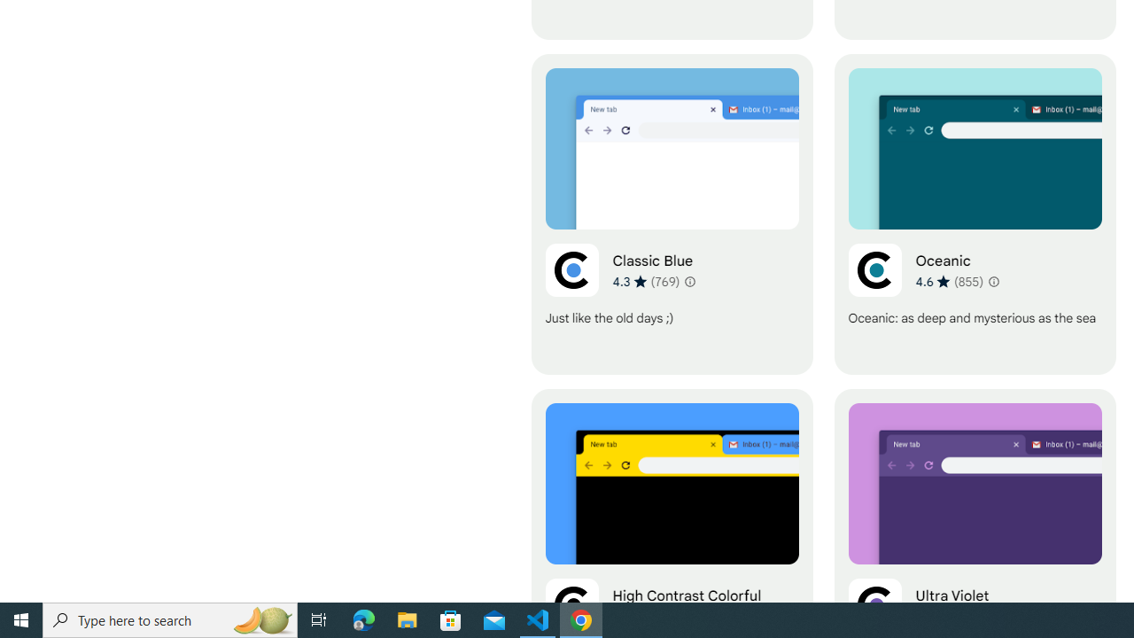  I want to click on 'Oceanic', so click(974, 214).